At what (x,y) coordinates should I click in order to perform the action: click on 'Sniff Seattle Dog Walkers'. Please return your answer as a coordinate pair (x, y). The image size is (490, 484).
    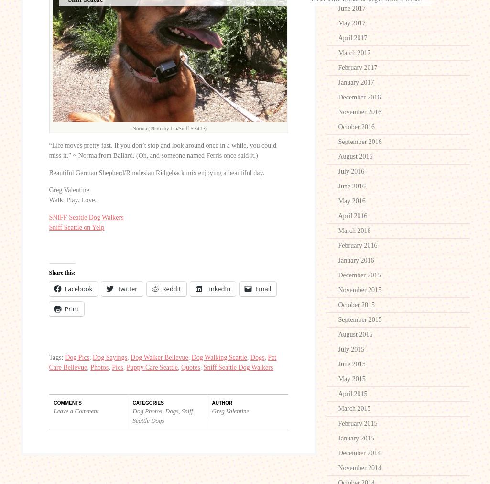
    Looking at the image, I should click on (238, 367).